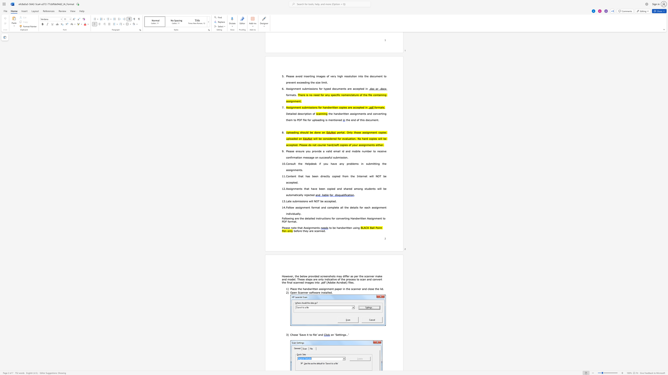 The height and width of the screenshot is (375, 668). I want to click on the space between the continuous character "s" and "i" in the text, so click(356, 227).